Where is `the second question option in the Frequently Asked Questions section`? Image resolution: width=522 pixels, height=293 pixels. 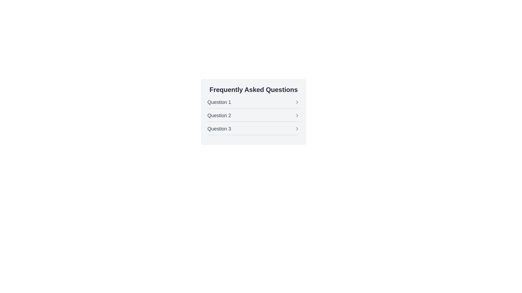 the second question option in the Frequently Asked Questions section is located at coordinates (253, 115).